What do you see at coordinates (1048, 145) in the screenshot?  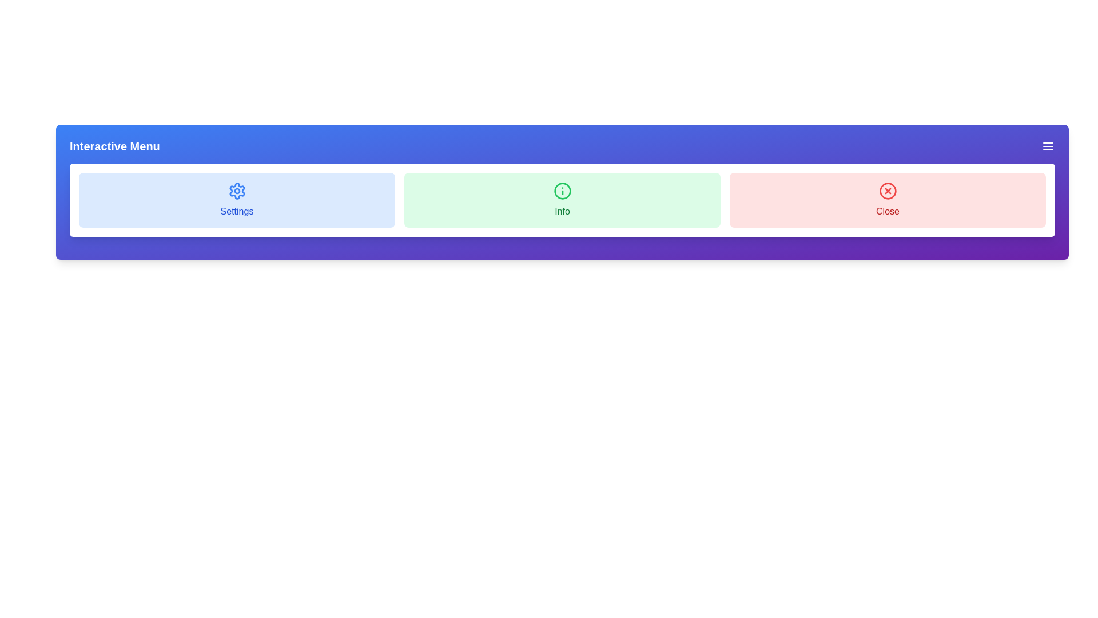 I see `the menu icon button to toggle the menu visibility` at bounding box center [1048, 145].